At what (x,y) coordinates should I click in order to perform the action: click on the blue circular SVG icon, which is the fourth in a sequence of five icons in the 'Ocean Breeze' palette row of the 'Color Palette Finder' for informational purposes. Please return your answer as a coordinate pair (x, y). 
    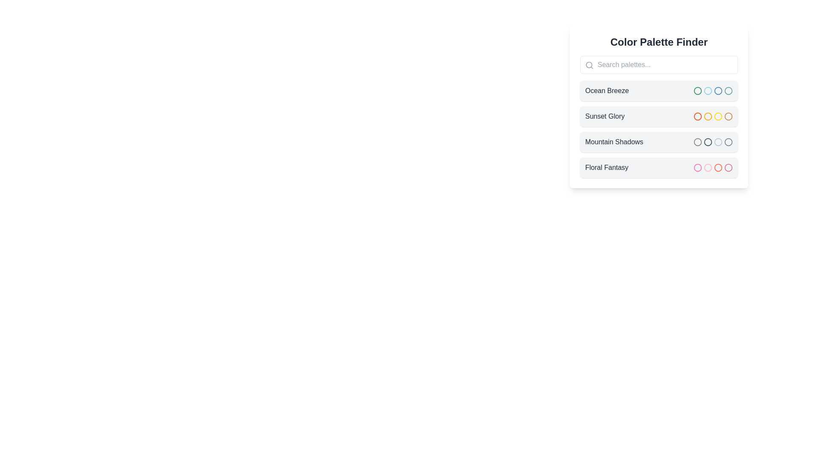
    Looking at the image, I should click on (718, 90).